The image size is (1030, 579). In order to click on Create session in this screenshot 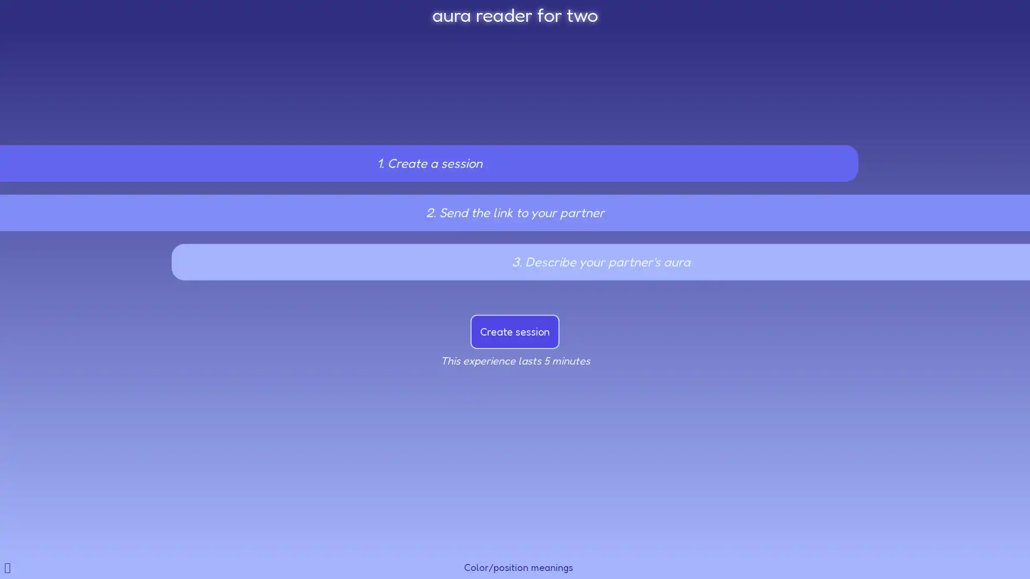, I will do `click(515, 331)`.